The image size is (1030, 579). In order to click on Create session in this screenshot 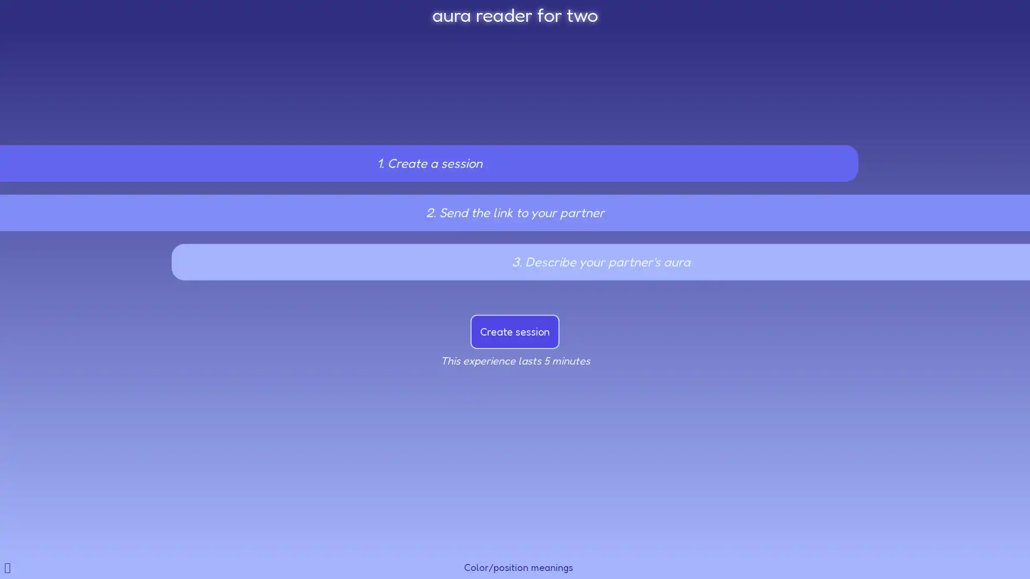, I will do `click(515, 331)`.